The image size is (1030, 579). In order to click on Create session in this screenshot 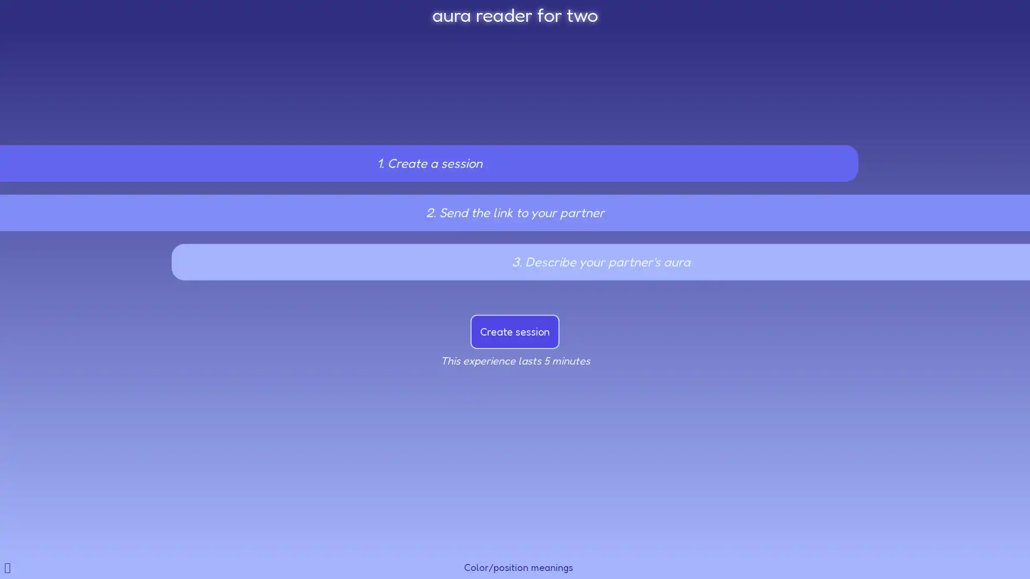, I will do `click(515, 331)`.